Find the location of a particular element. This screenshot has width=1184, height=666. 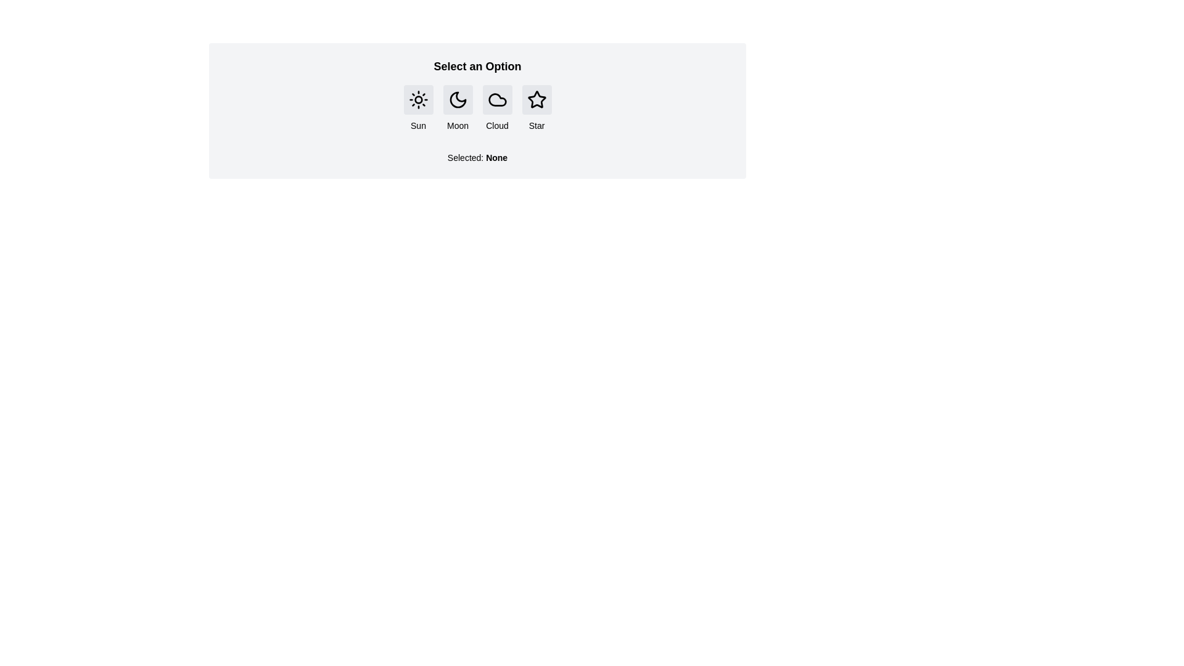

the star icon located at the far right of the horizontal row of icons is located at coordinates (536, 99).